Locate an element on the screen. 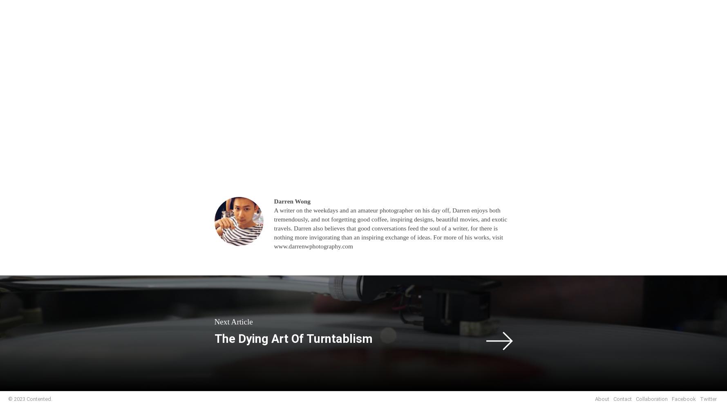 The image size is (727, 407). 'Contact' is located at coordinates (622, 398).